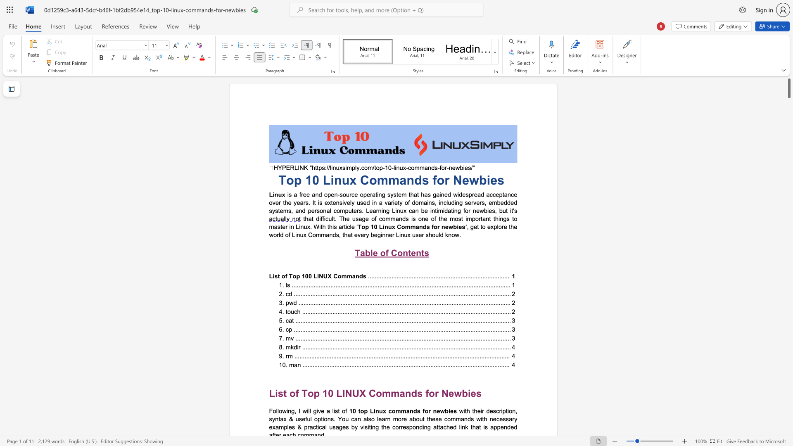 The height and width of the screenshot is (446, 793). Describe the element at coordinates (323, 276) in the screenshot. I see `the subset text "UX Commands" within the text "List of Top 100 LINUX Commands"` at that location.